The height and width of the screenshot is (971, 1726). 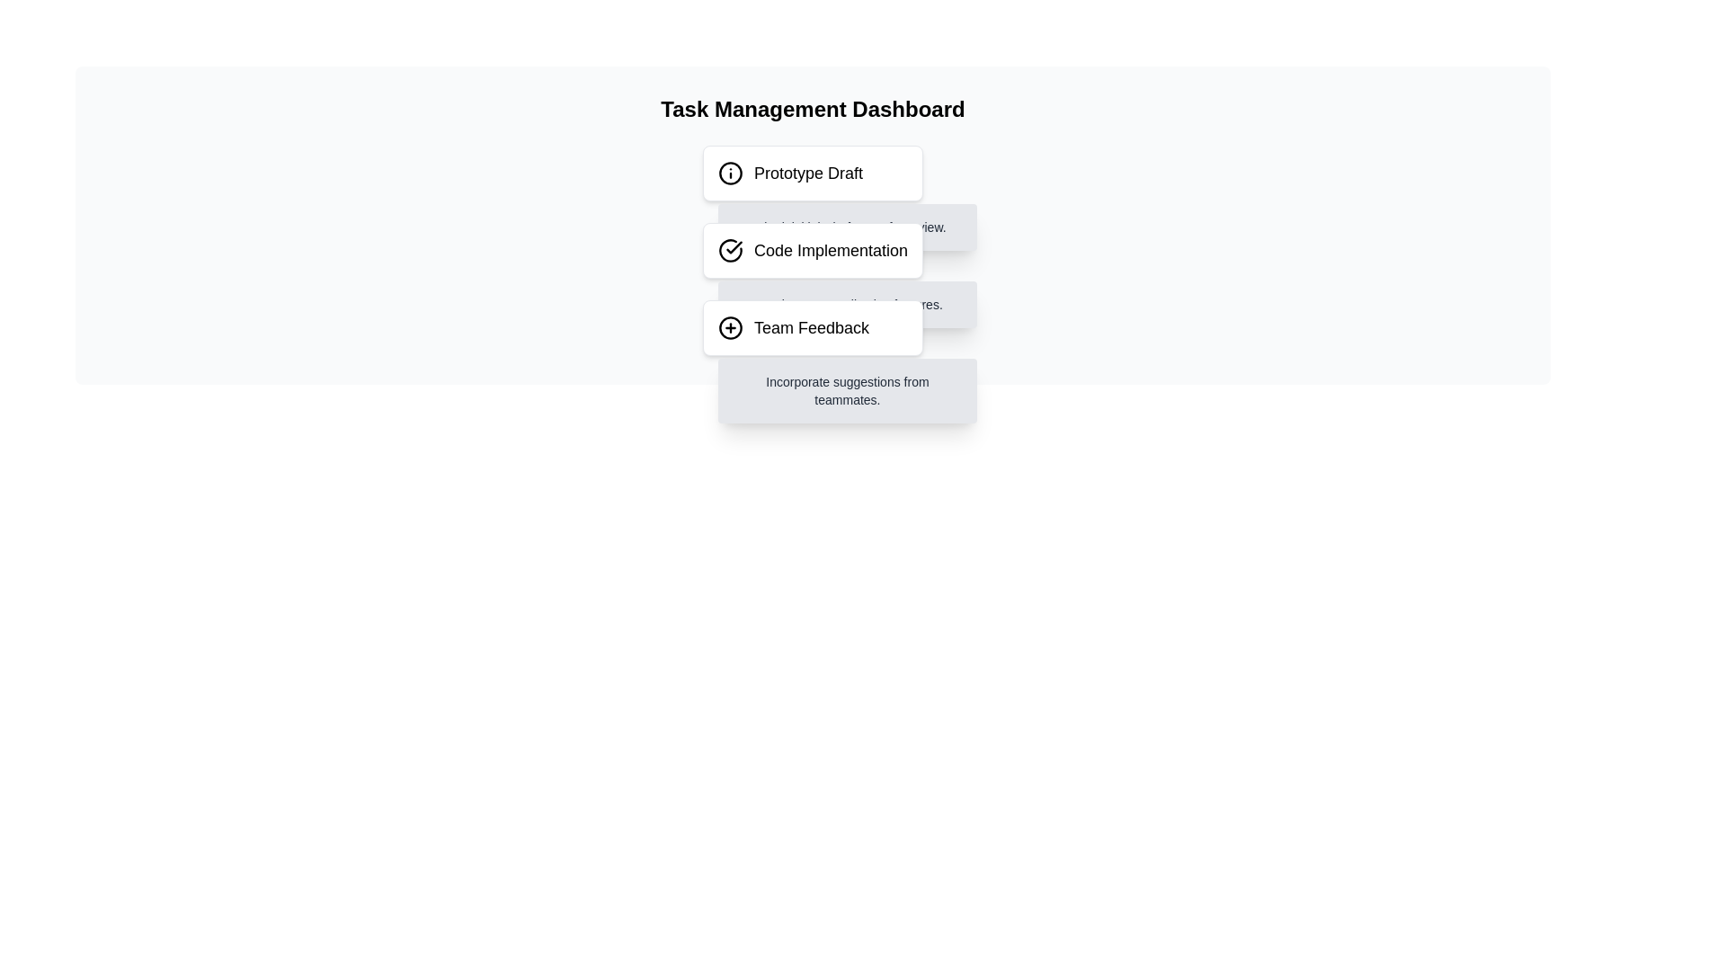 I want to click on the Text Label that serves as a title for the associated task, positioned to the right of an information icon within the first task item of a vertical task list, so click(x=807, y=173).